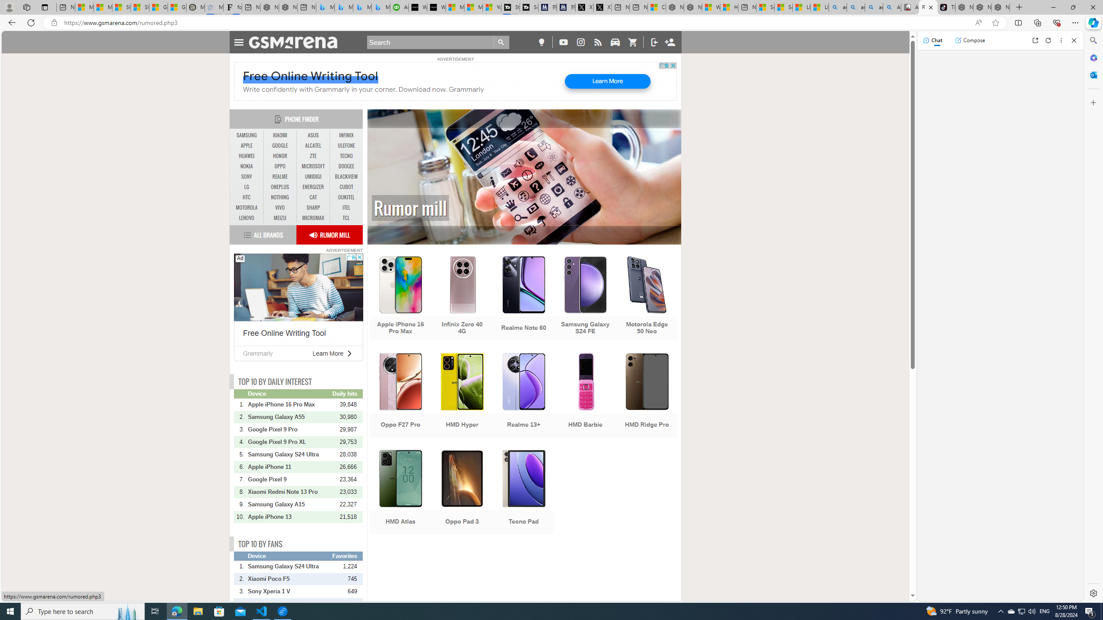  I want to click on 'LENOVO', so click(246, 217).